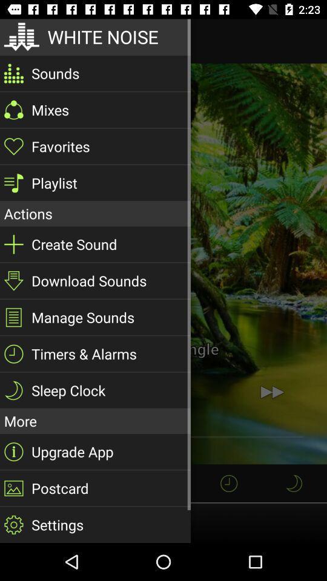 The height and width of the screenshot is (581, 327). What do you see at coordinates (229, 483) in the screenshot?
I see `the time icon` at bounding box center [229, 483].